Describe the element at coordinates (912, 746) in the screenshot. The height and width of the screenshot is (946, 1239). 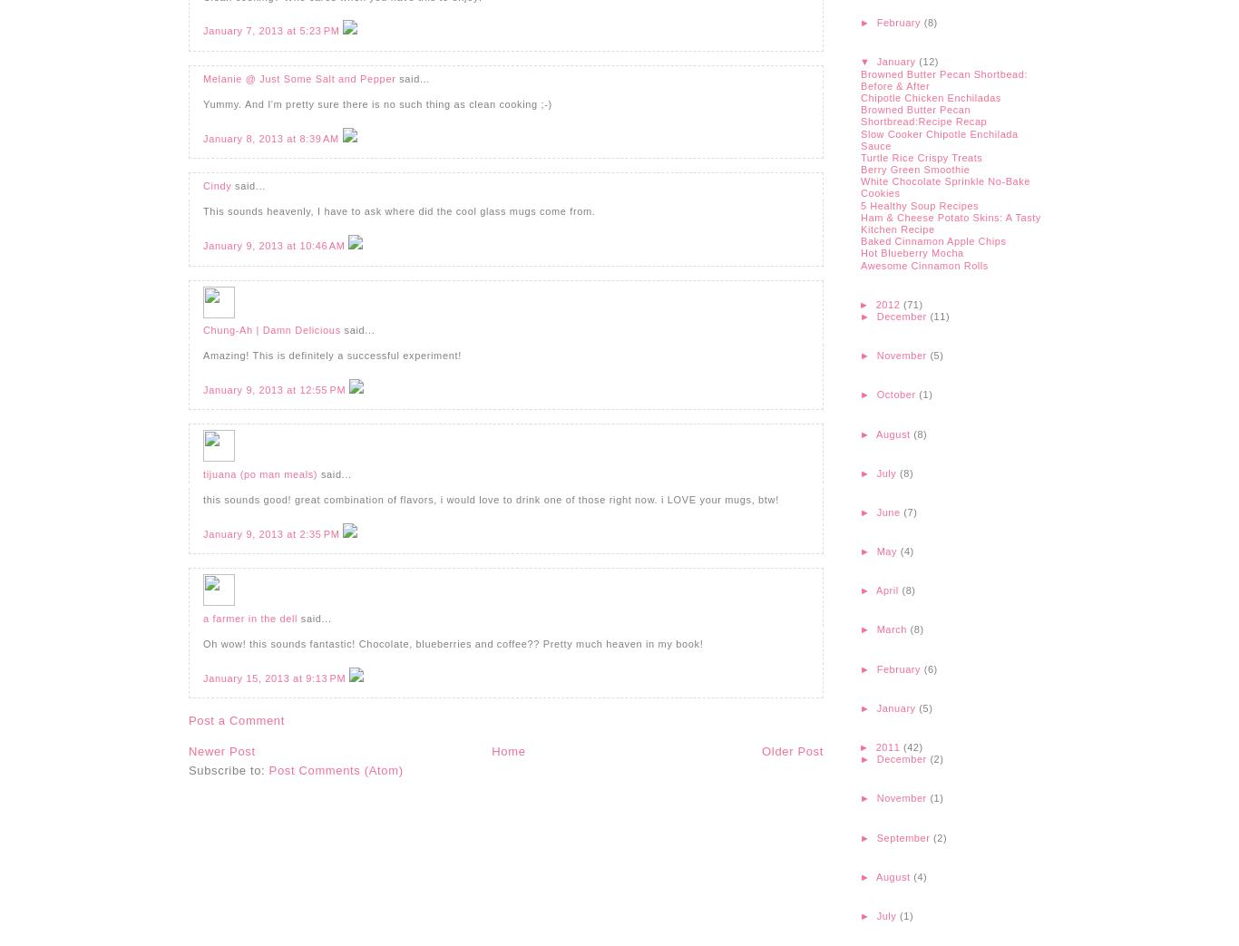
I see `'(42)'` at that location.